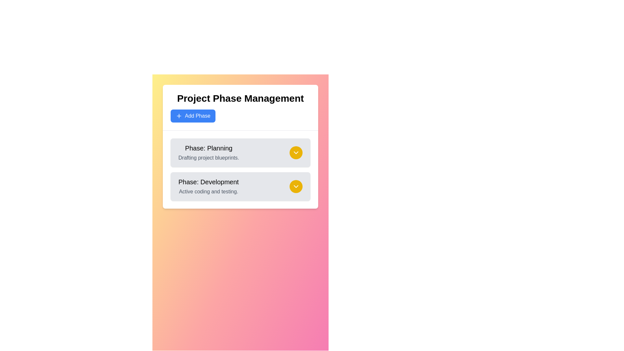 This screenshot has width=624, height=351. Describe the element at coordinates (209, 153) in the screenshot. I see `the Text label displaying 'Phase: Planning' which includes the description 'Drafting project blueprints.'` at that location.